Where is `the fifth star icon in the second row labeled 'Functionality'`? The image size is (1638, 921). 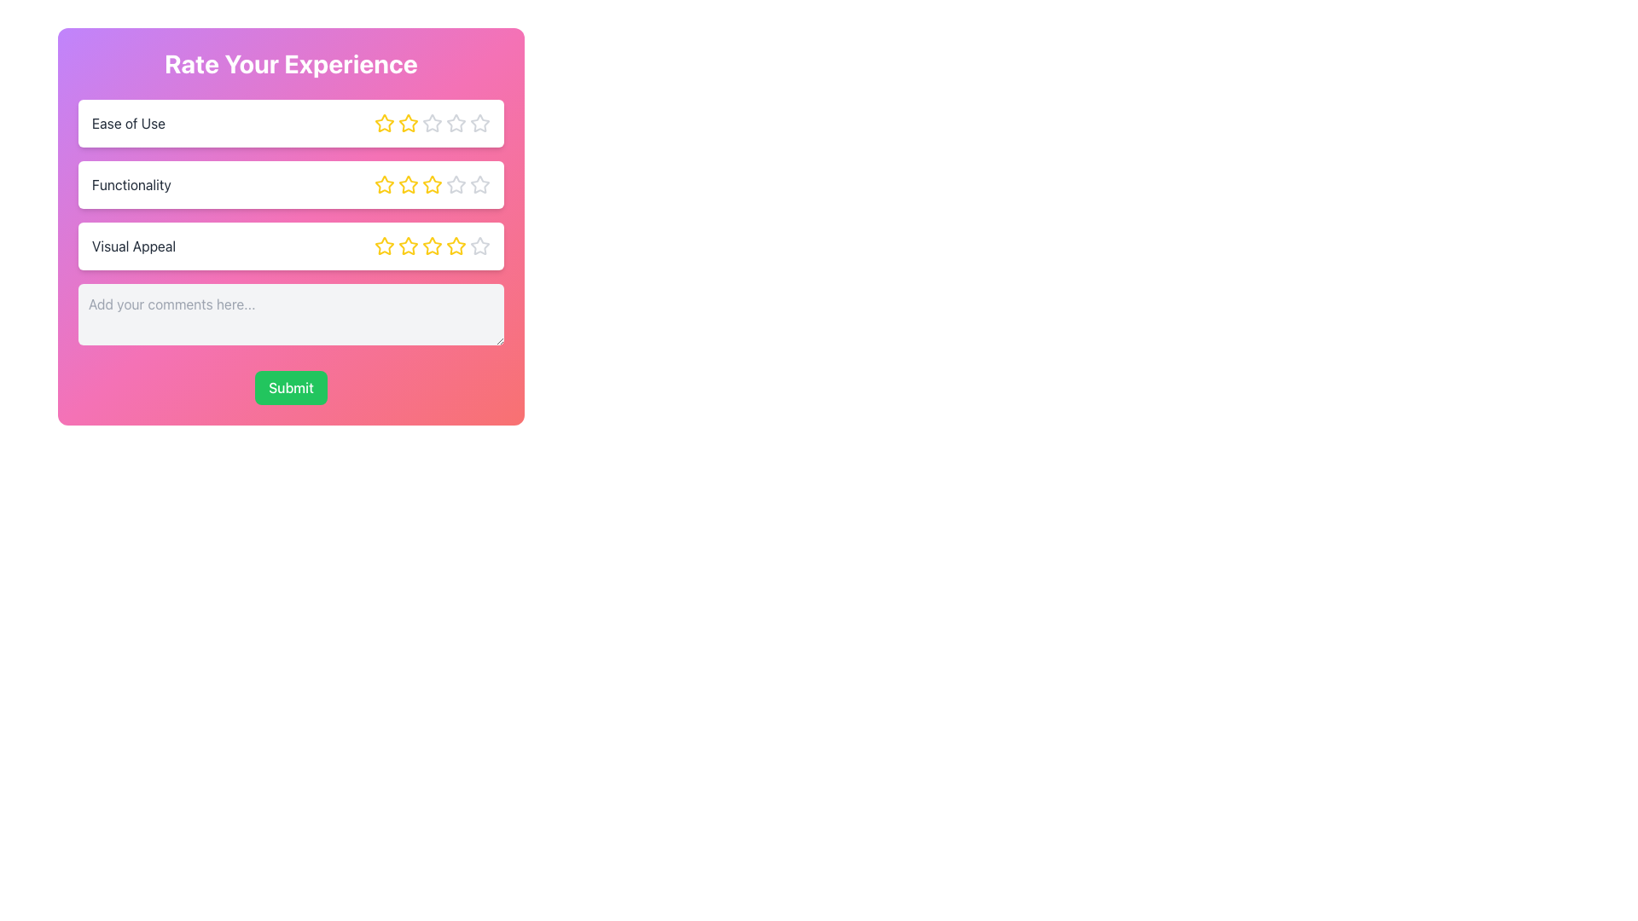 the fifth star icon in the second row labeled 'Functionality' is located at coordinates (456, 184).